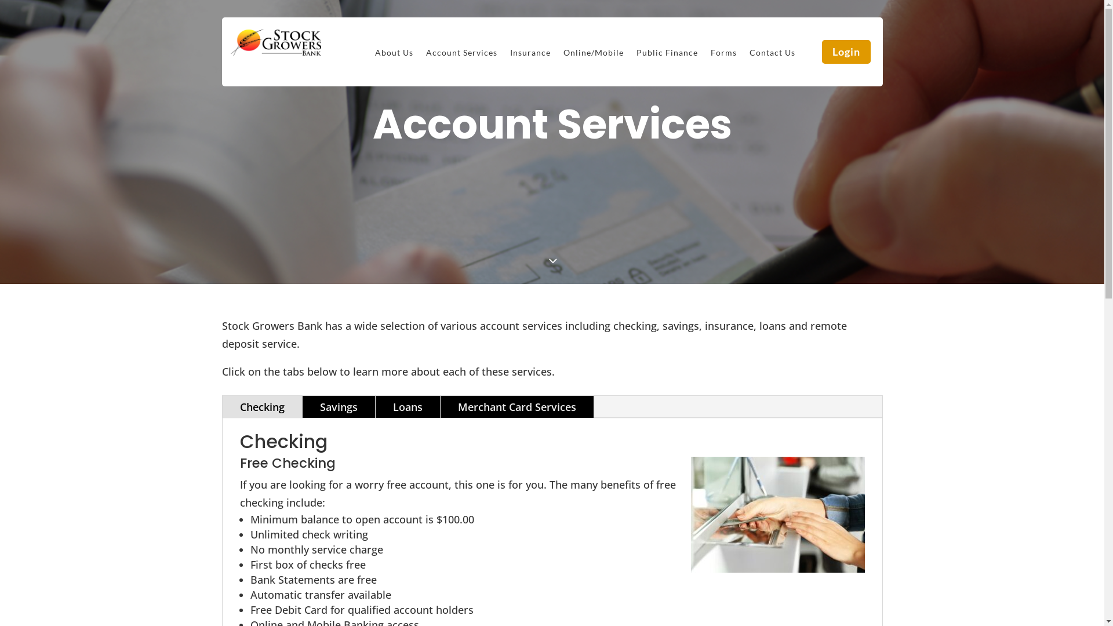 The width and height of the screenshot is (1113, 626). What do you see at coordinates (338, 406) in the screenshot?
I see `'Savings'` at bounding box center [338, 406].